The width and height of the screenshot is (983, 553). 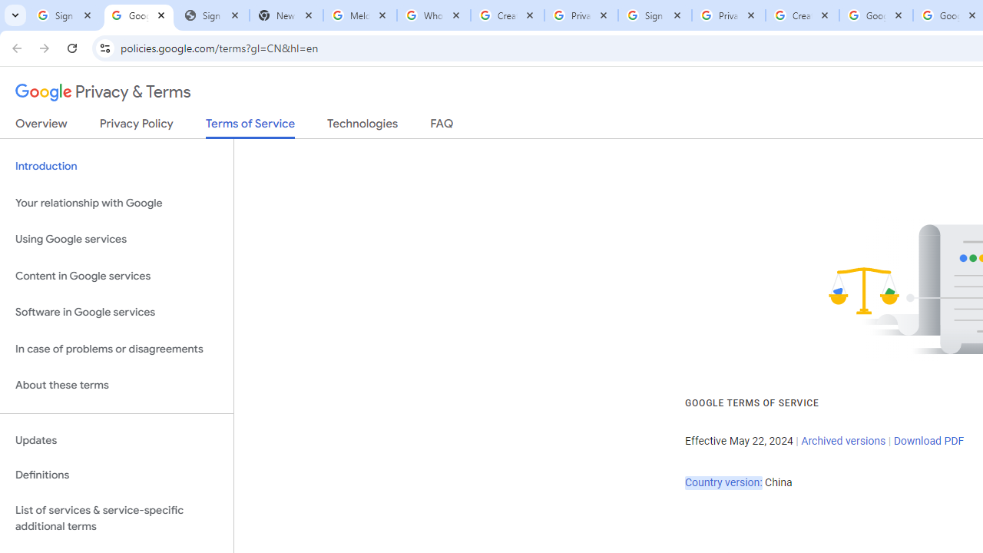 What do you see at coordinates (116, 312) in the screenshot?
I see `'Software in Google services'` at bounding box center [116, 312].